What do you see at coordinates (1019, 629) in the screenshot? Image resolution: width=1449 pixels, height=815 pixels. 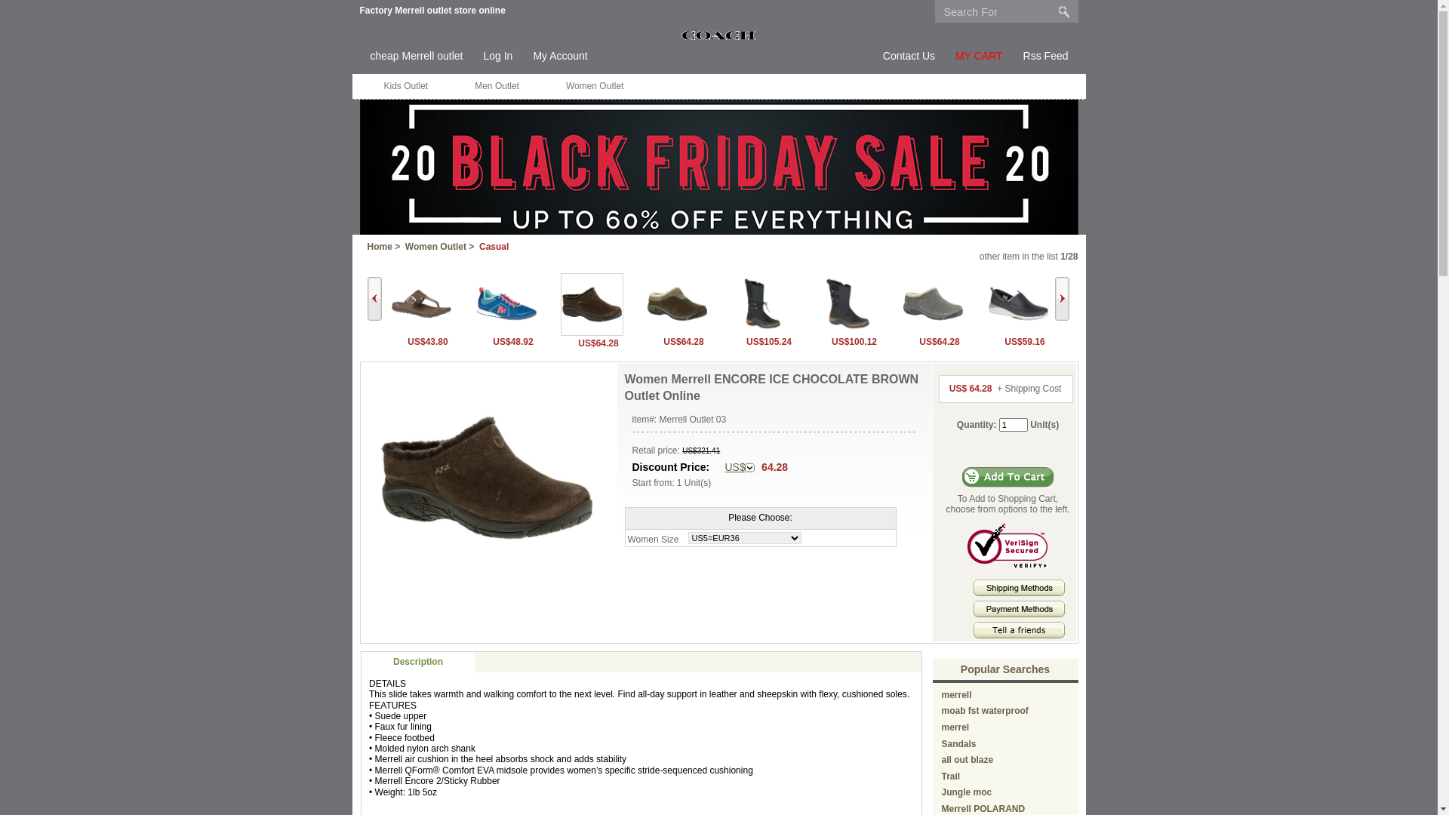 I see `' Tell A Friends '` at bounding box center [1019, 629].